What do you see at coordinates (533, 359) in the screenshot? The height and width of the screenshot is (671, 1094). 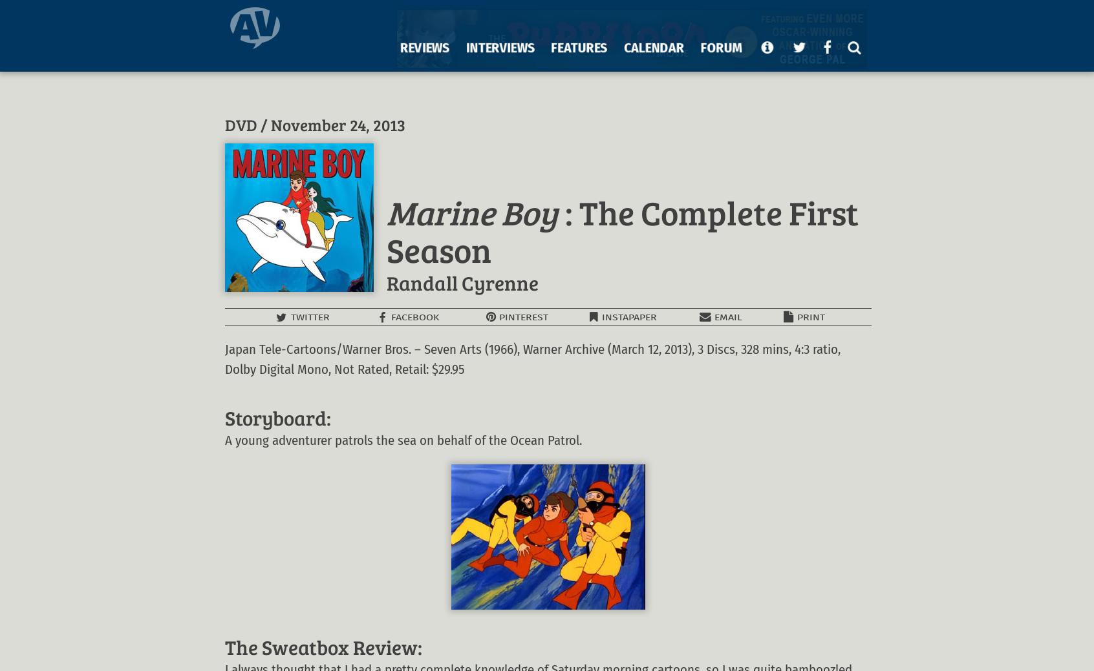 I see `'Japan Tele-Cartoons/Warner Bros. – Seven Arts (1966), Warner Archive (March 12, 2013), 3 Discs, 328 mins, 4:3 ratio, Dolby Digital Mono, Not Rated, Retail: $29.95'` at bounding box center [533, 359].